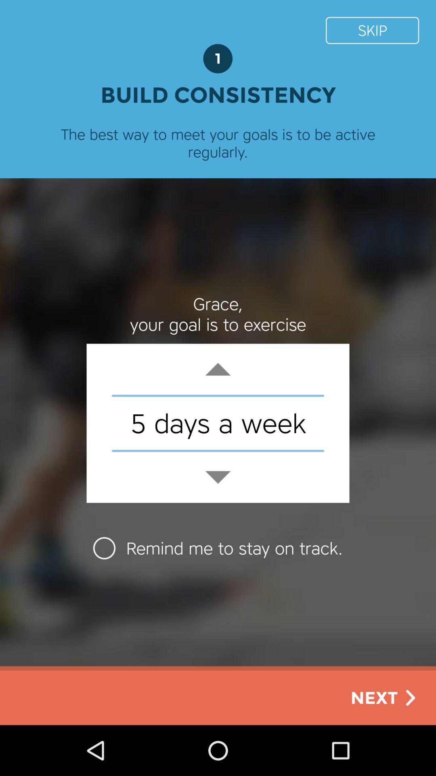  Describe the element at coordinates (217, 548) in the screenshot. I see `remind me to` at that location.